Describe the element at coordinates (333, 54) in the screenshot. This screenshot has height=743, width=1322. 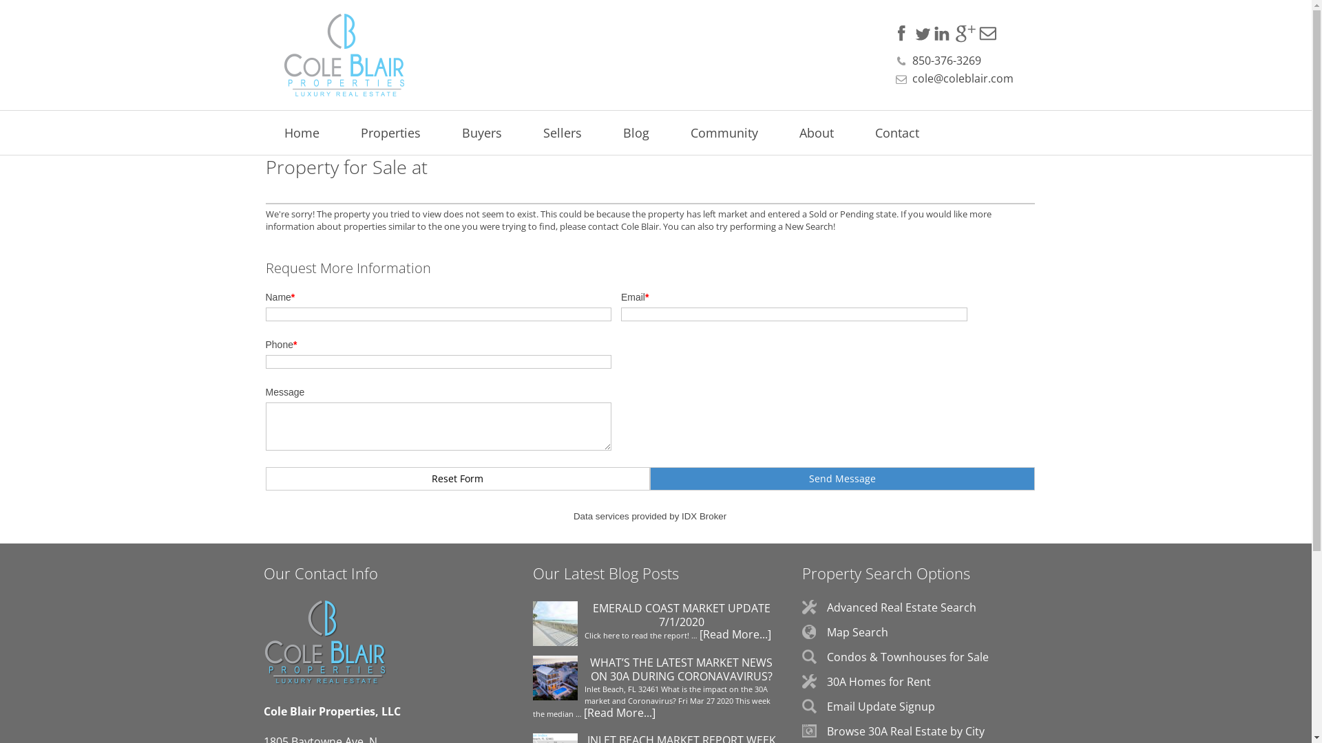
I see `'30A Real Estate | Condos | 30A Florida Homes for Sale'` at that location.